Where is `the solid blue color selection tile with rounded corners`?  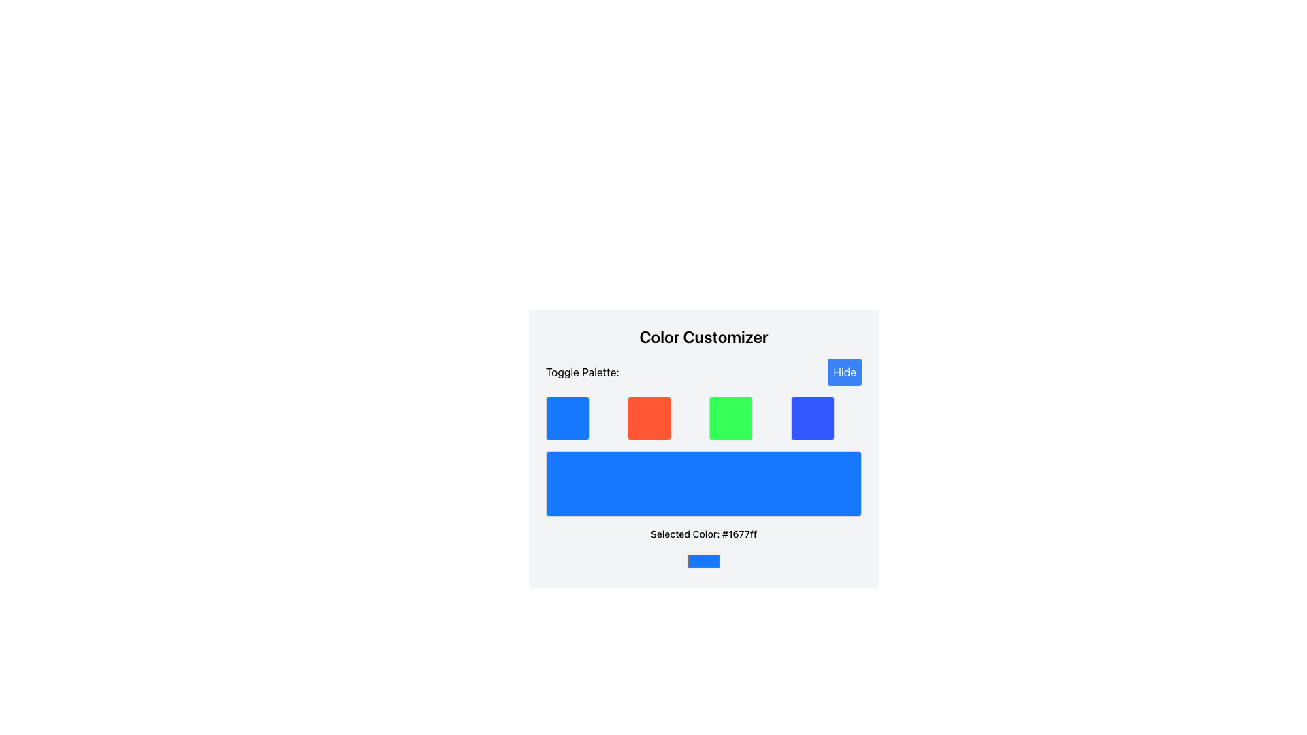
the solid blue color selection tile with rounded corners is located at coordinates (813, 417).